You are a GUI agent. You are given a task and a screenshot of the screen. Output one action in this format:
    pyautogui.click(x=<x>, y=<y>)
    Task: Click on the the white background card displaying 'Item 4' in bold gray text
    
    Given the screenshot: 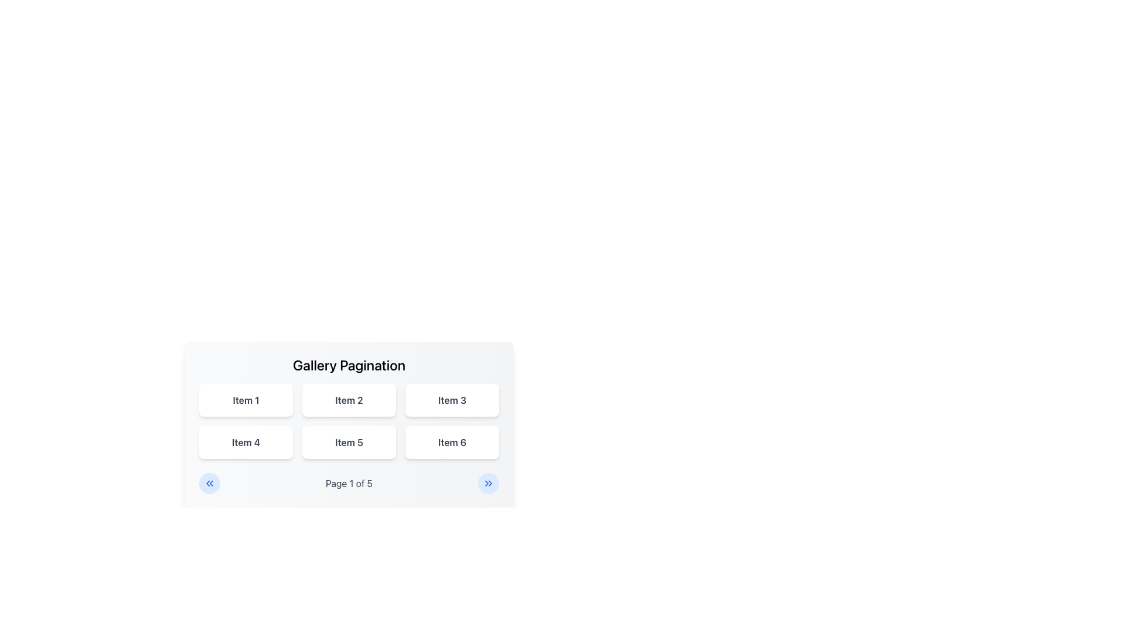 What is the action you would take?
    pyautogui.click(x=246, y=443)
    